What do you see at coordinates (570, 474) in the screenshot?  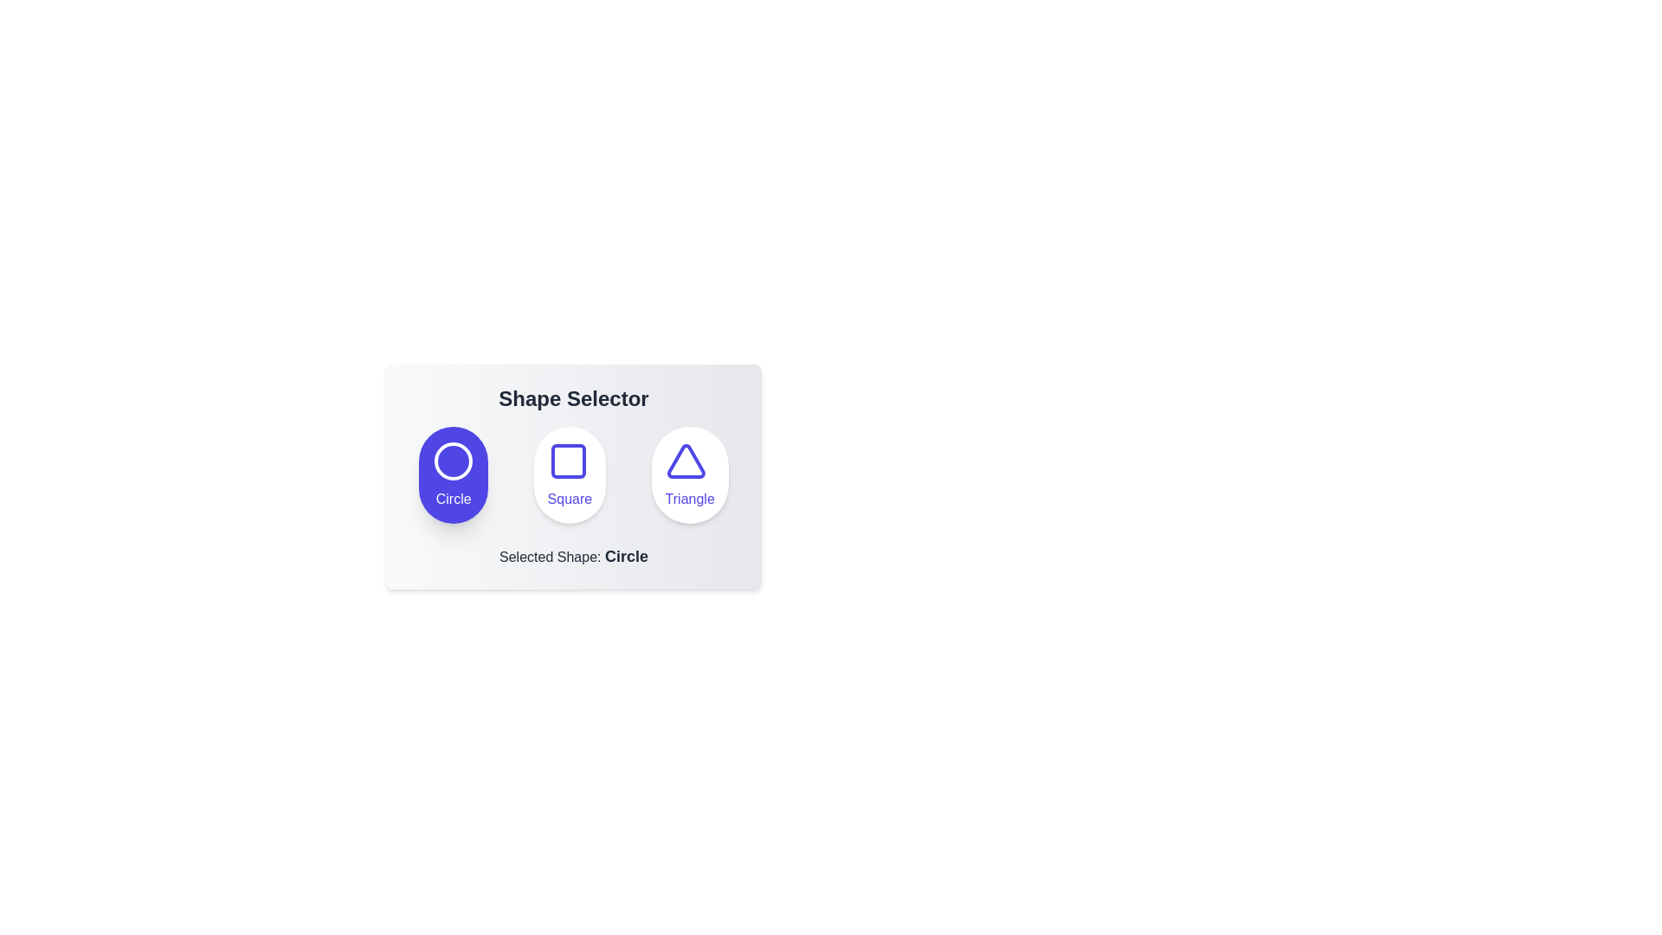 I see `the Square button to select it` at bounding box center [570, 474].